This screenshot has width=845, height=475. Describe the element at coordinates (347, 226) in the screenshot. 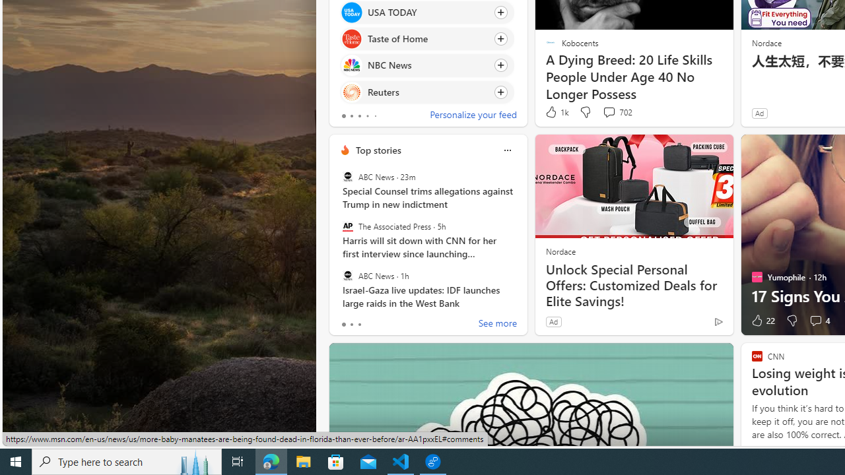

I see `'The Associated Press'` at that location.